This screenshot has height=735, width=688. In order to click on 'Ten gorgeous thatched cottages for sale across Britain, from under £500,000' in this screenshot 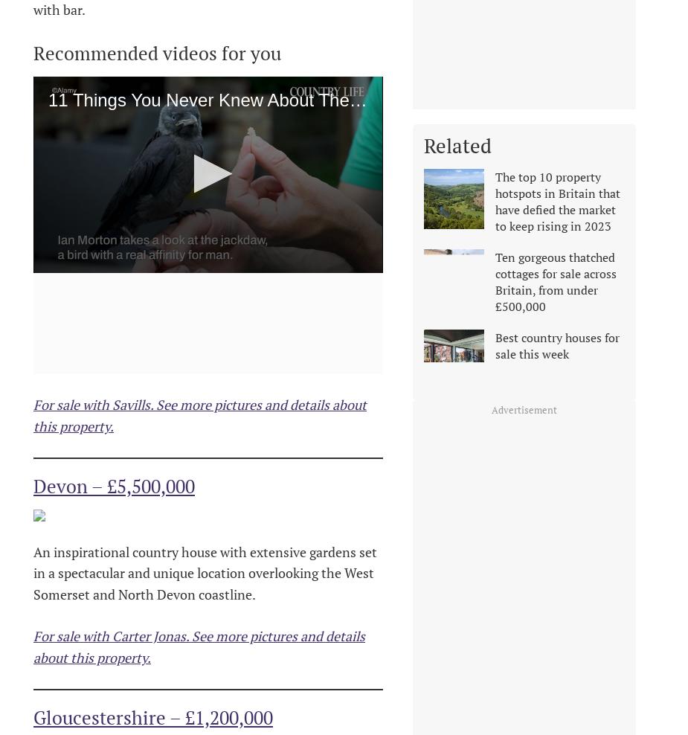, I will do `click(556, 280)`.